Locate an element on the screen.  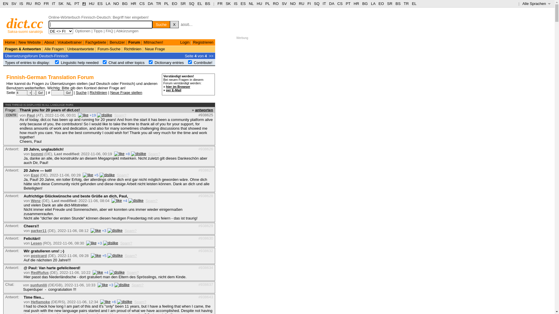
'EN' is located at coordinates (6, 3).